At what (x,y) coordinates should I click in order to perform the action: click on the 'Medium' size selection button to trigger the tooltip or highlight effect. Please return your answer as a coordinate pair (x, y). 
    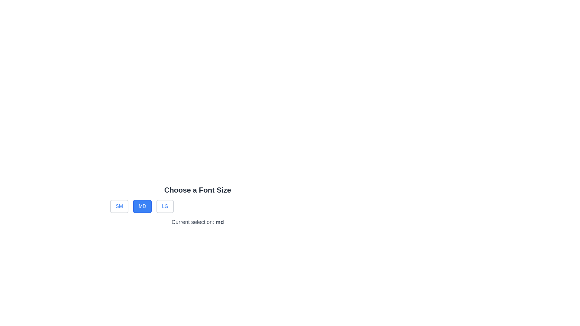
    Looking at the image, I should click on (142, 206).